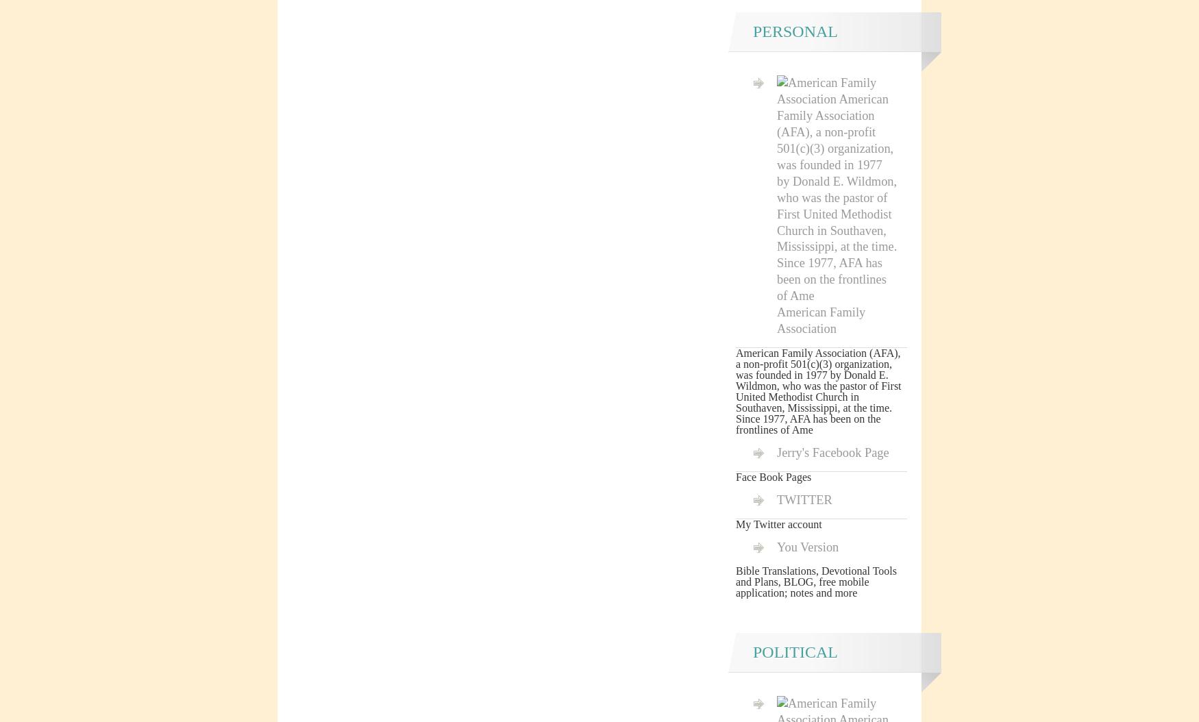  What do you see at coordinates (776, 499) in the screenshot?
I see `'TWITTER'` at bounding box center [776, 499].